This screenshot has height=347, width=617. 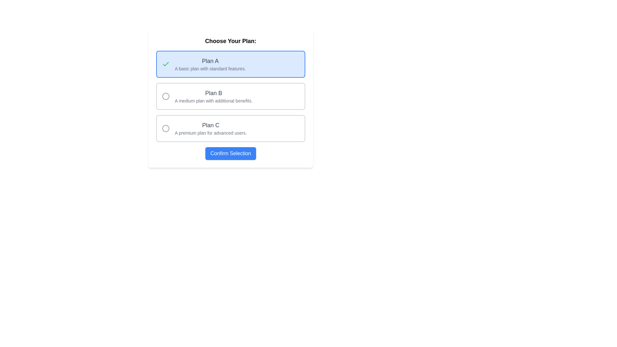 What do you see at coordinates (204, 129) in the screenshot?
I see `text of the 'Plan C' option in the selection interface, which is the third item in a vertically stacked list of plan choices` at bounding box center [204, 129].